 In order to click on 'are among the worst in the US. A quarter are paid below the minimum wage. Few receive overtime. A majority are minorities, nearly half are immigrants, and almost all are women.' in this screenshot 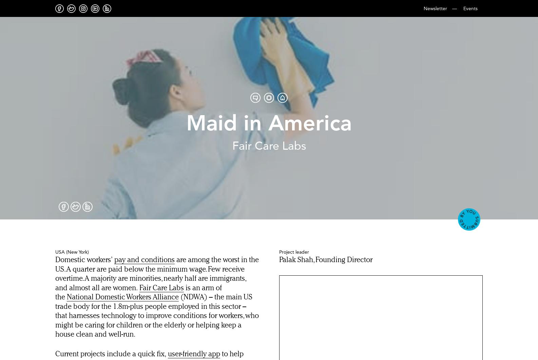, I will do `click(156, 274)`.